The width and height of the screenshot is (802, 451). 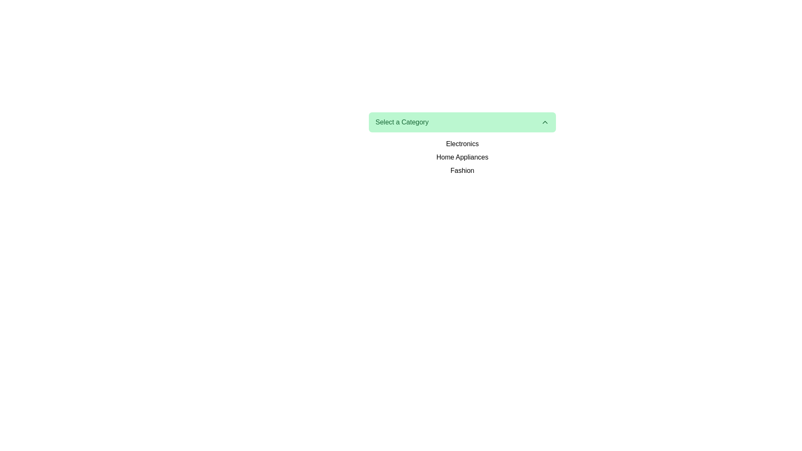 What do you see at coordinates (462, 143) in the screenshot?
I see `the first selectable option in the vertical list for 'Electronics' located below the green header labeled 'Select a Category'` at bounding box center [462, 143].